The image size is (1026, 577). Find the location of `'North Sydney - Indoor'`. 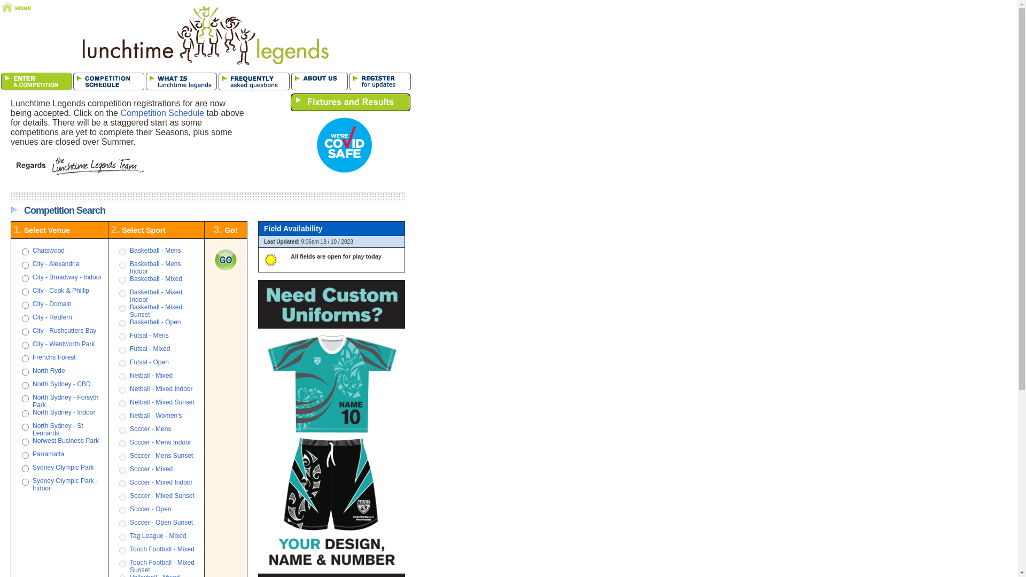

'North Sydney - Indoor' is located at coordinates (33, 411).